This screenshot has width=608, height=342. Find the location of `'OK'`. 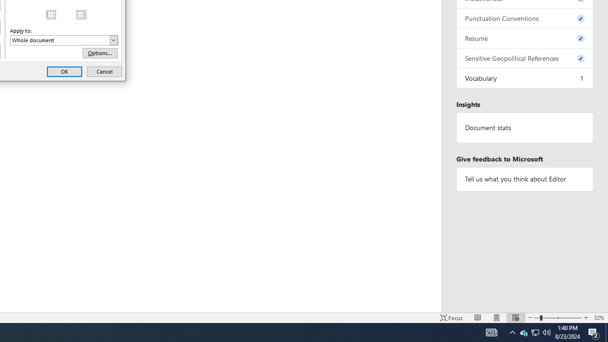

'OK' is located at coordinates (64, 71).